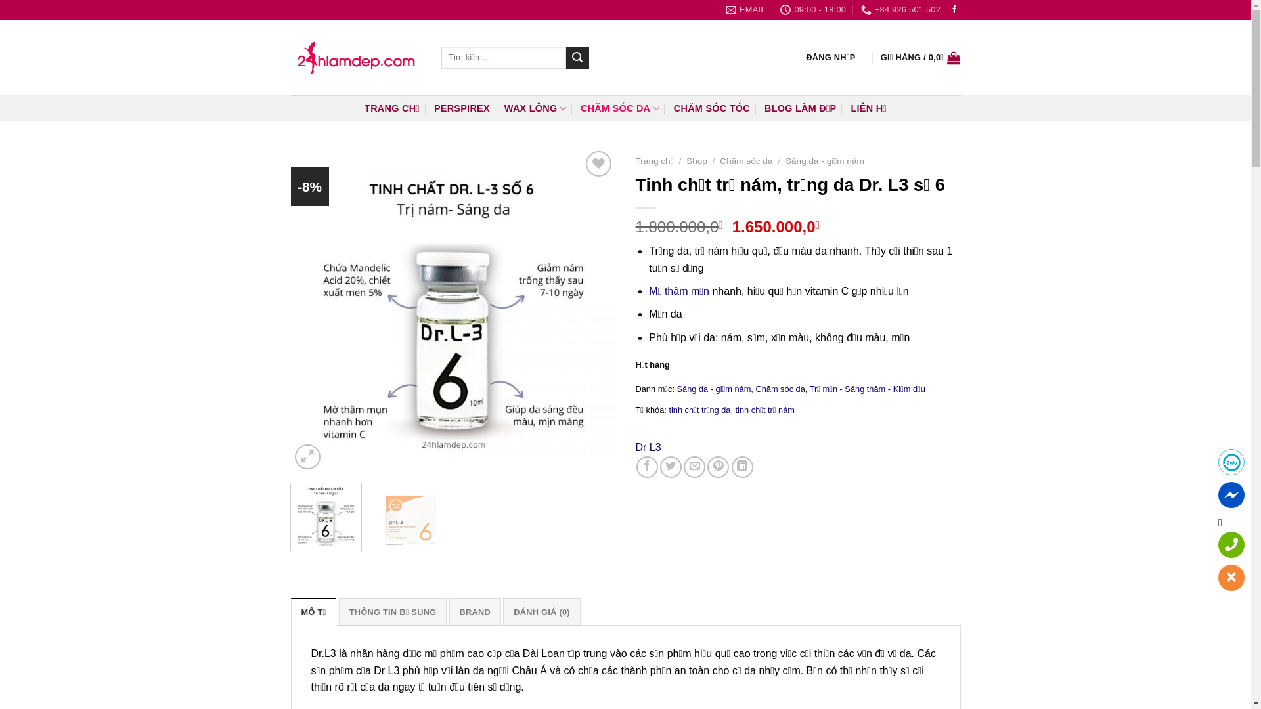 The height and width of the screenshot is (709, 1261). I want to click on 'Follow on Facebook', so click(954, 10).